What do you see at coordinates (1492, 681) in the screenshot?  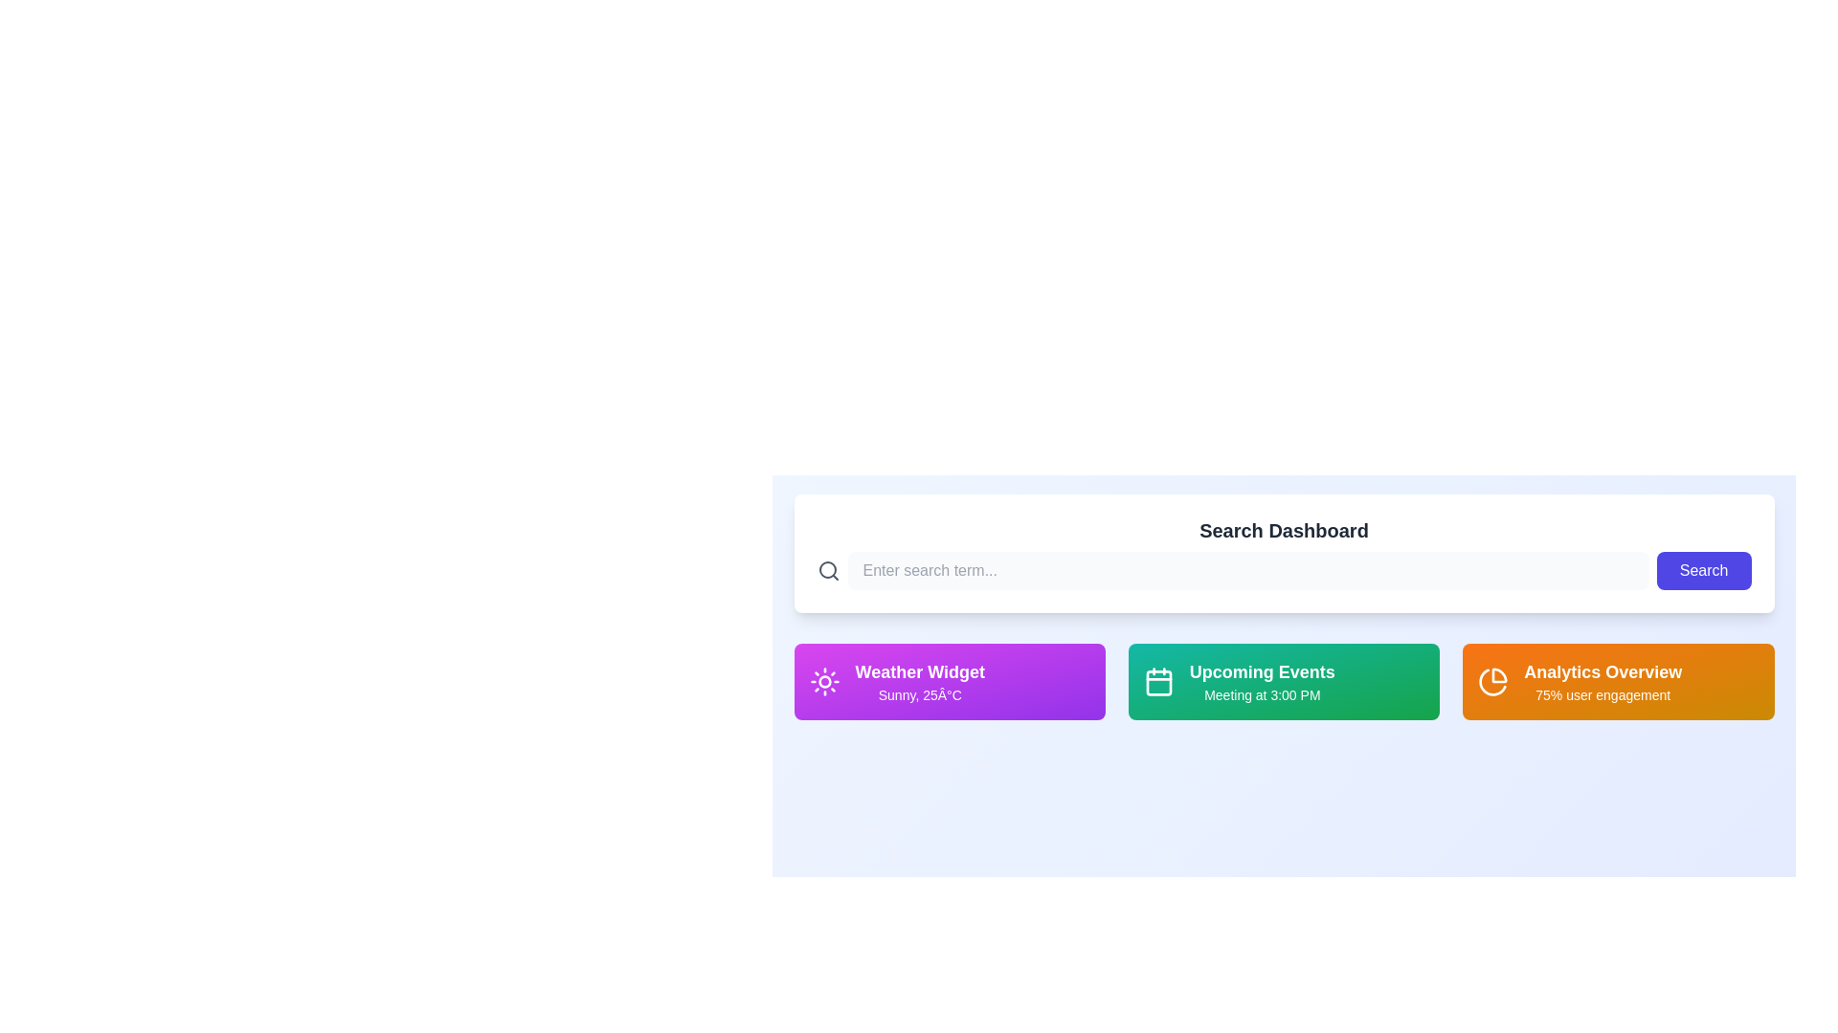 I see `the pie chart icon in the top-left section of the orange background representing the 'Analytics Overview' card as a visual cue for analytics` at bounding box center [1492, 681].